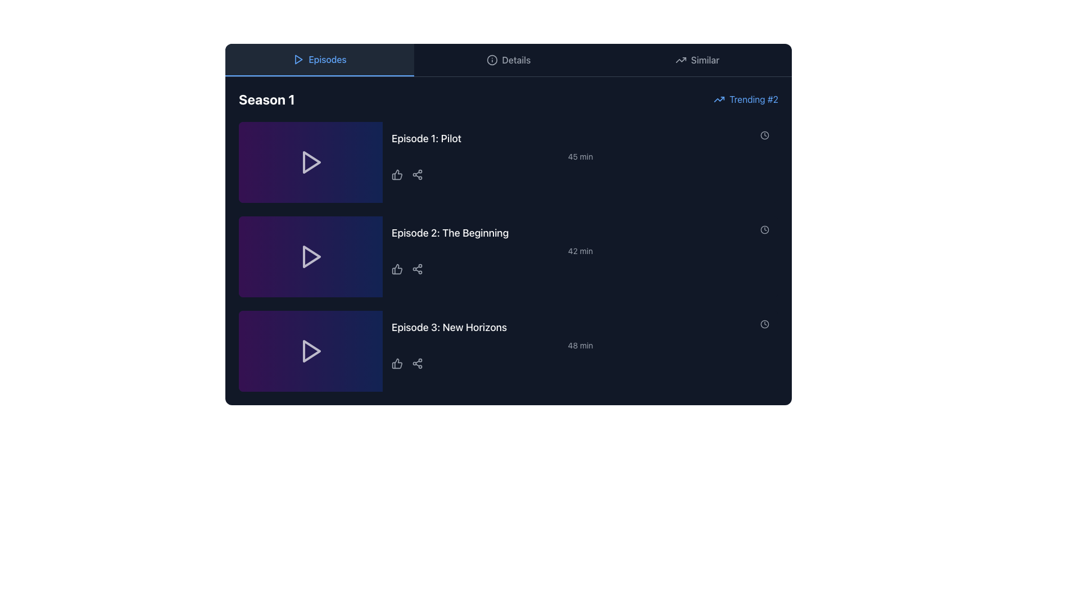  What do you see at coordinates (697, 60) in the screenshot?
I see `the 'Similar' tab, which is the third tab in a horizontal row of tabs at the top of the list interface` at bounding box center [697, 60].